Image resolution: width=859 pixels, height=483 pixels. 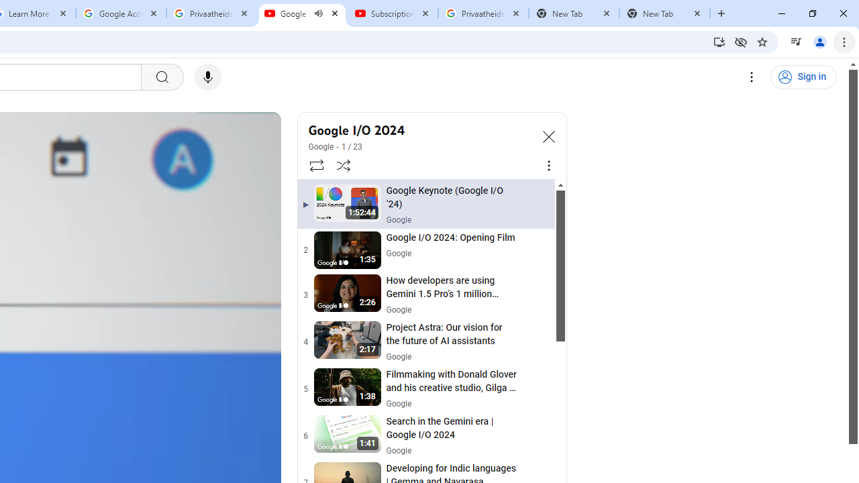 I want to click on 'Loop playlist', so click(x=315, y=164).